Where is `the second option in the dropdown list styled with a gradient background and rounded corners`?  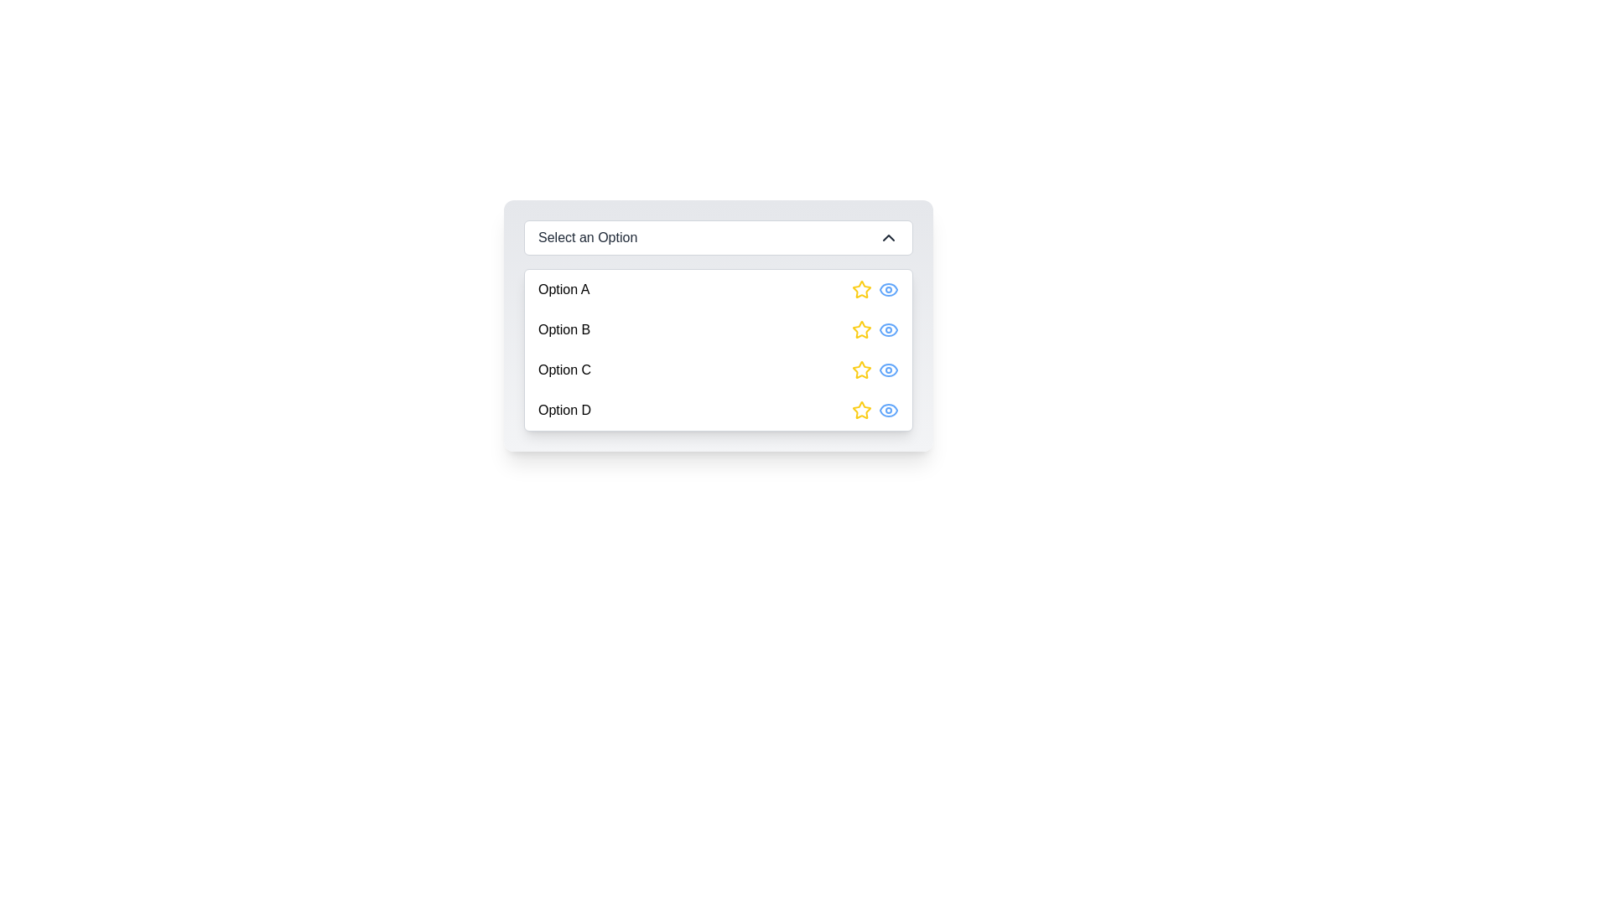 the second option in the dropdown list styled with a gradient background and rounded corners is located at coordinates (719, 326).